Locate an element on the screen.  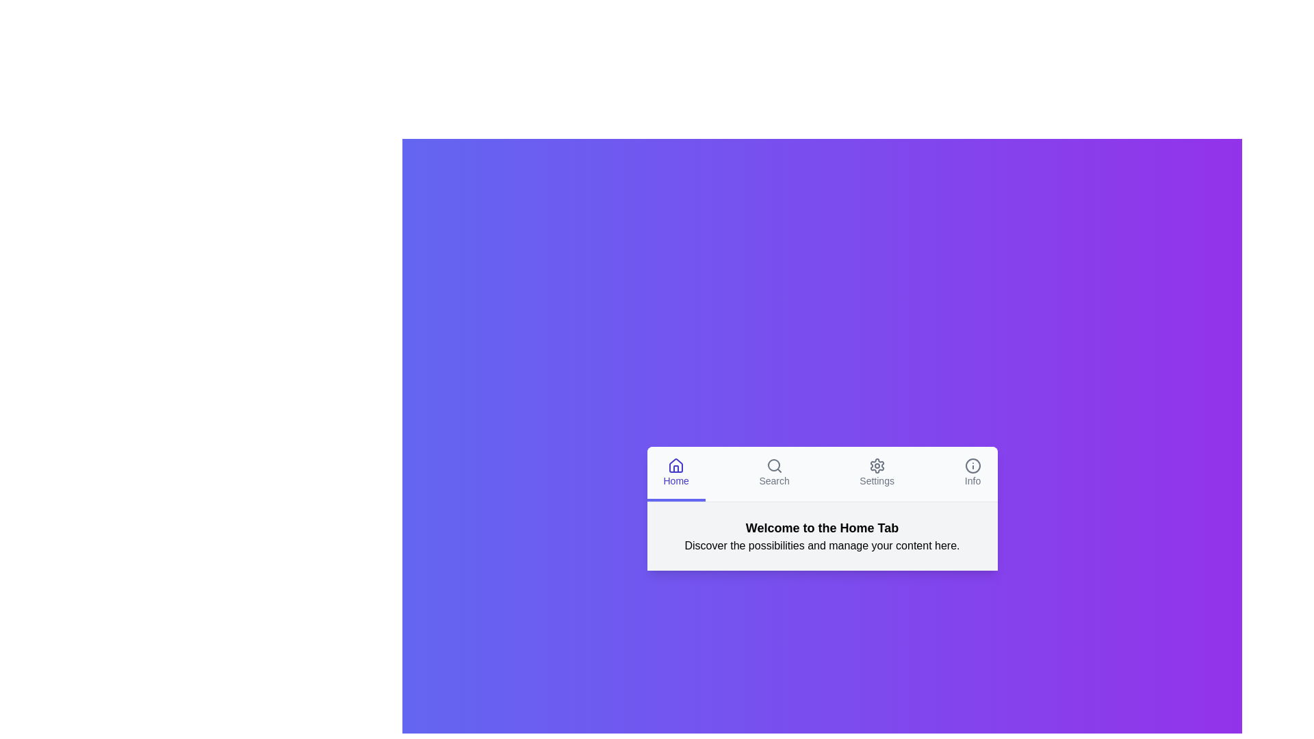
descriptive text located near the center-bottom of the interface, directly below the 'Welcome to the Home Tab' heading is located at coordinates (821, 545).